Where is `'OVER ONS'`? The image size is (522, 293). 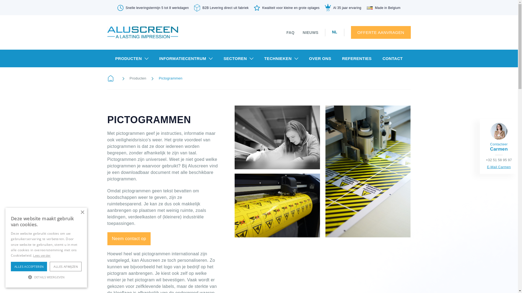 'OVER ONS' is located at coordinates (320, 58).